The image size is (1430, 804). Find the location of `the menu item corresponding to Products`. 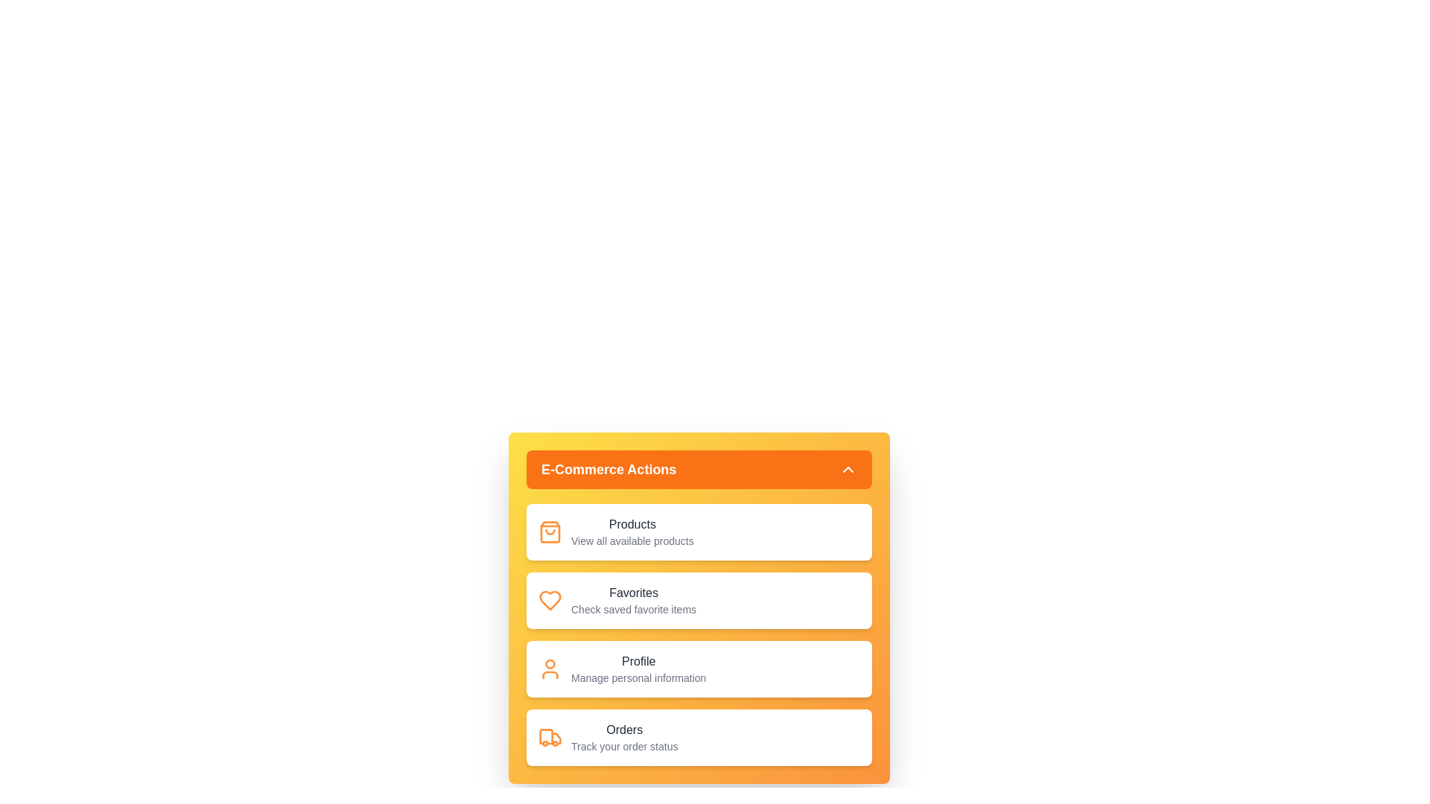

the menu item corresponding to Products is located at coordinates (699, 531).